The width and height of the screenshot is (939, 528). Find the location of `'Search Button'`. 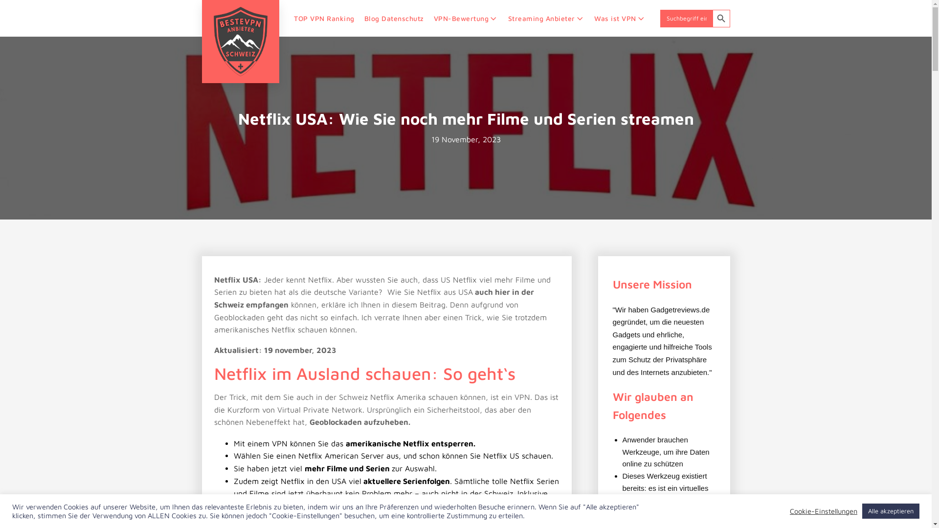

'Search Button' is located at coordinates (712, 19).